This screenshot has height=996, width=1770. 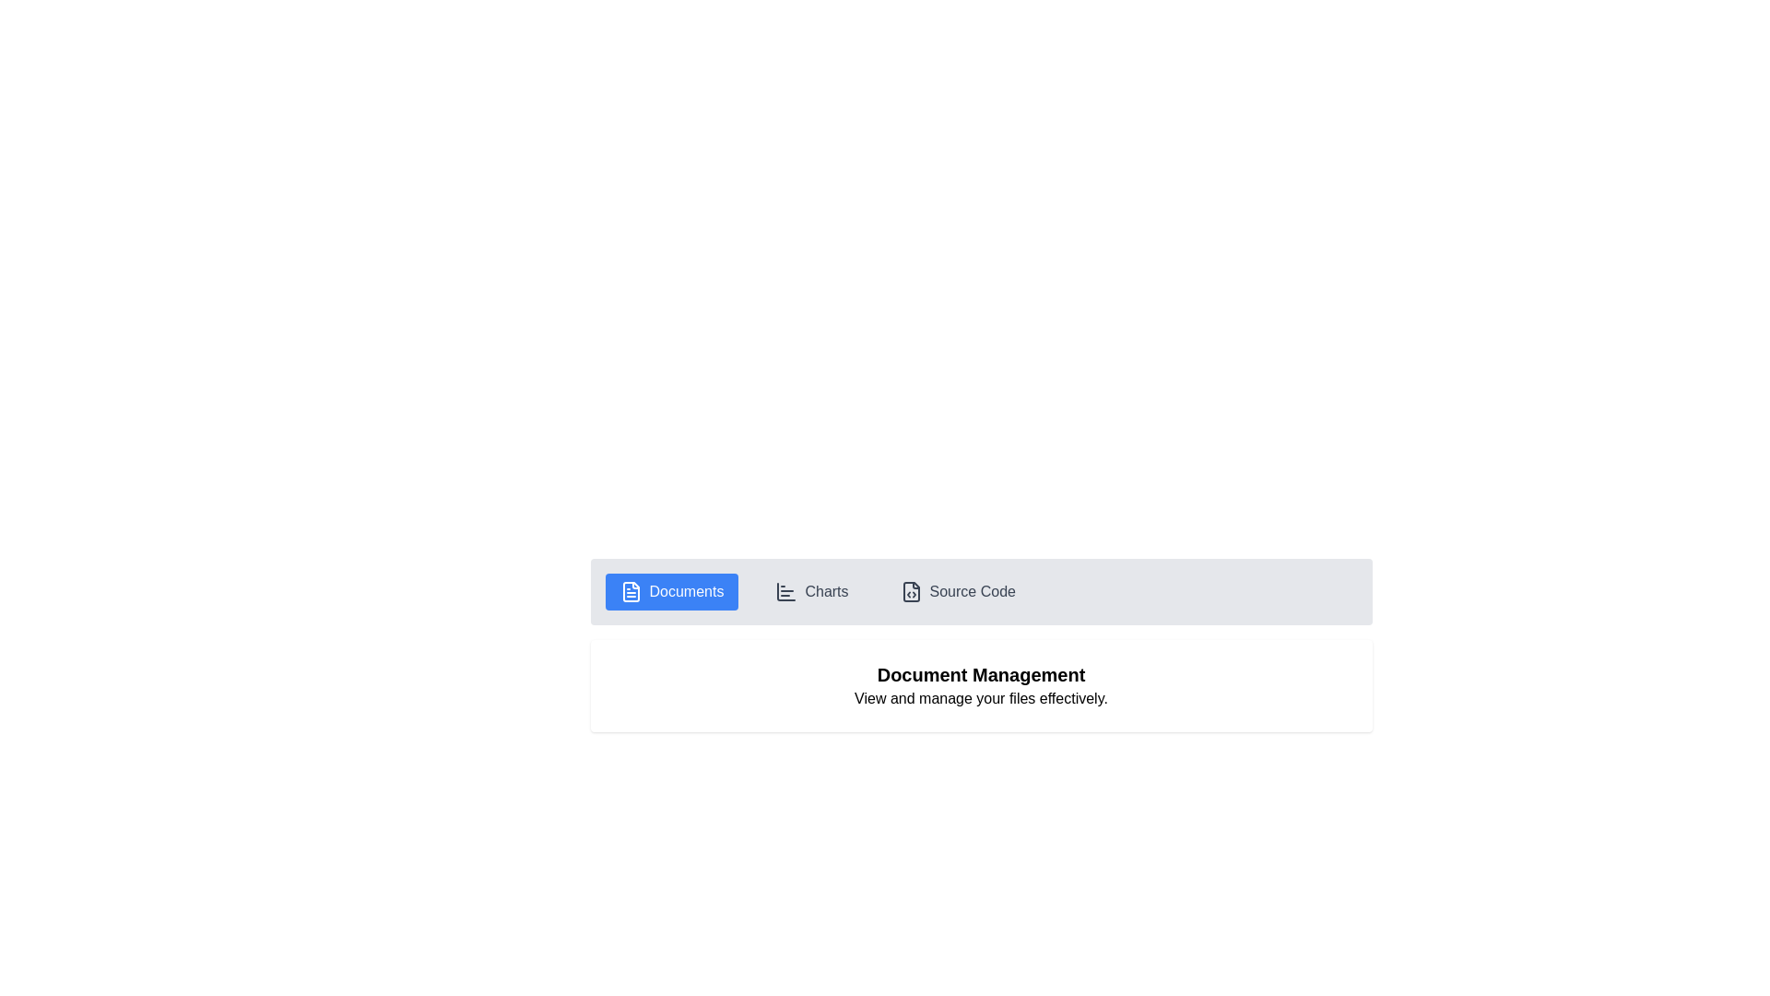 I want to click on the button located in the first position of the horizontal navigation bar, so click(x=671, y=591).